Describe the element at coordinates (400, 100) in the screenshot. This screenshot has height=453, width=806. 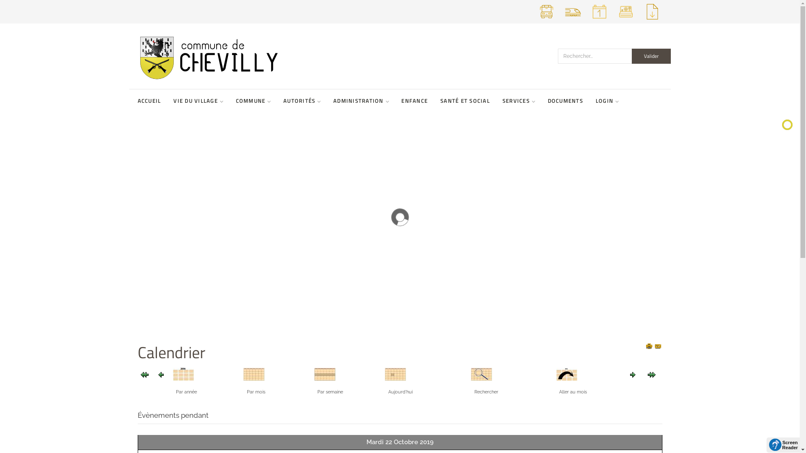
I see `'ENFANCE'` at that location.